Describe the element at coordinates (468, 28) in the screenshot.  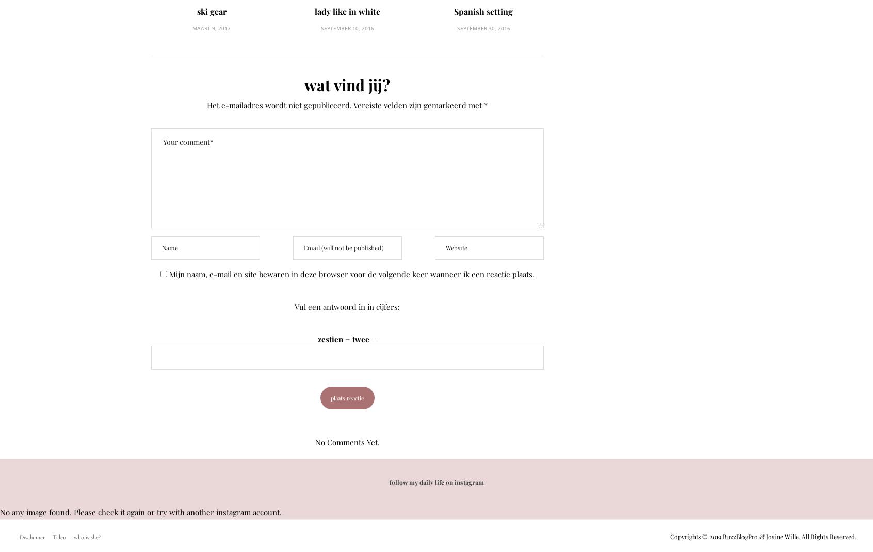
I see `'september 30, 2016'` at that location.